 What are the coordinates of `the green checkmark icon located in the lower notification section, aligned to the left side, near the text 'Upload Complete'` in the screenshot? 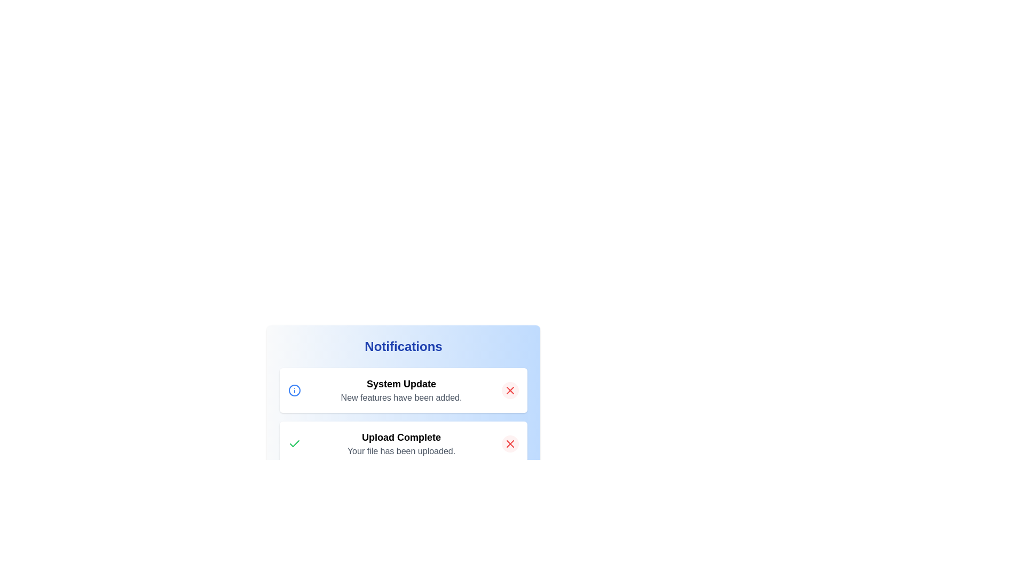 It's located at (295, 443).